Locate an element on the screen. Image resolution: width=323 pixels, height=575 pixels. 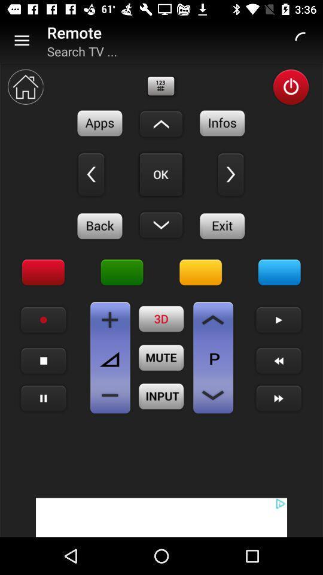
exit the menu is located at coordinates (223, 225).